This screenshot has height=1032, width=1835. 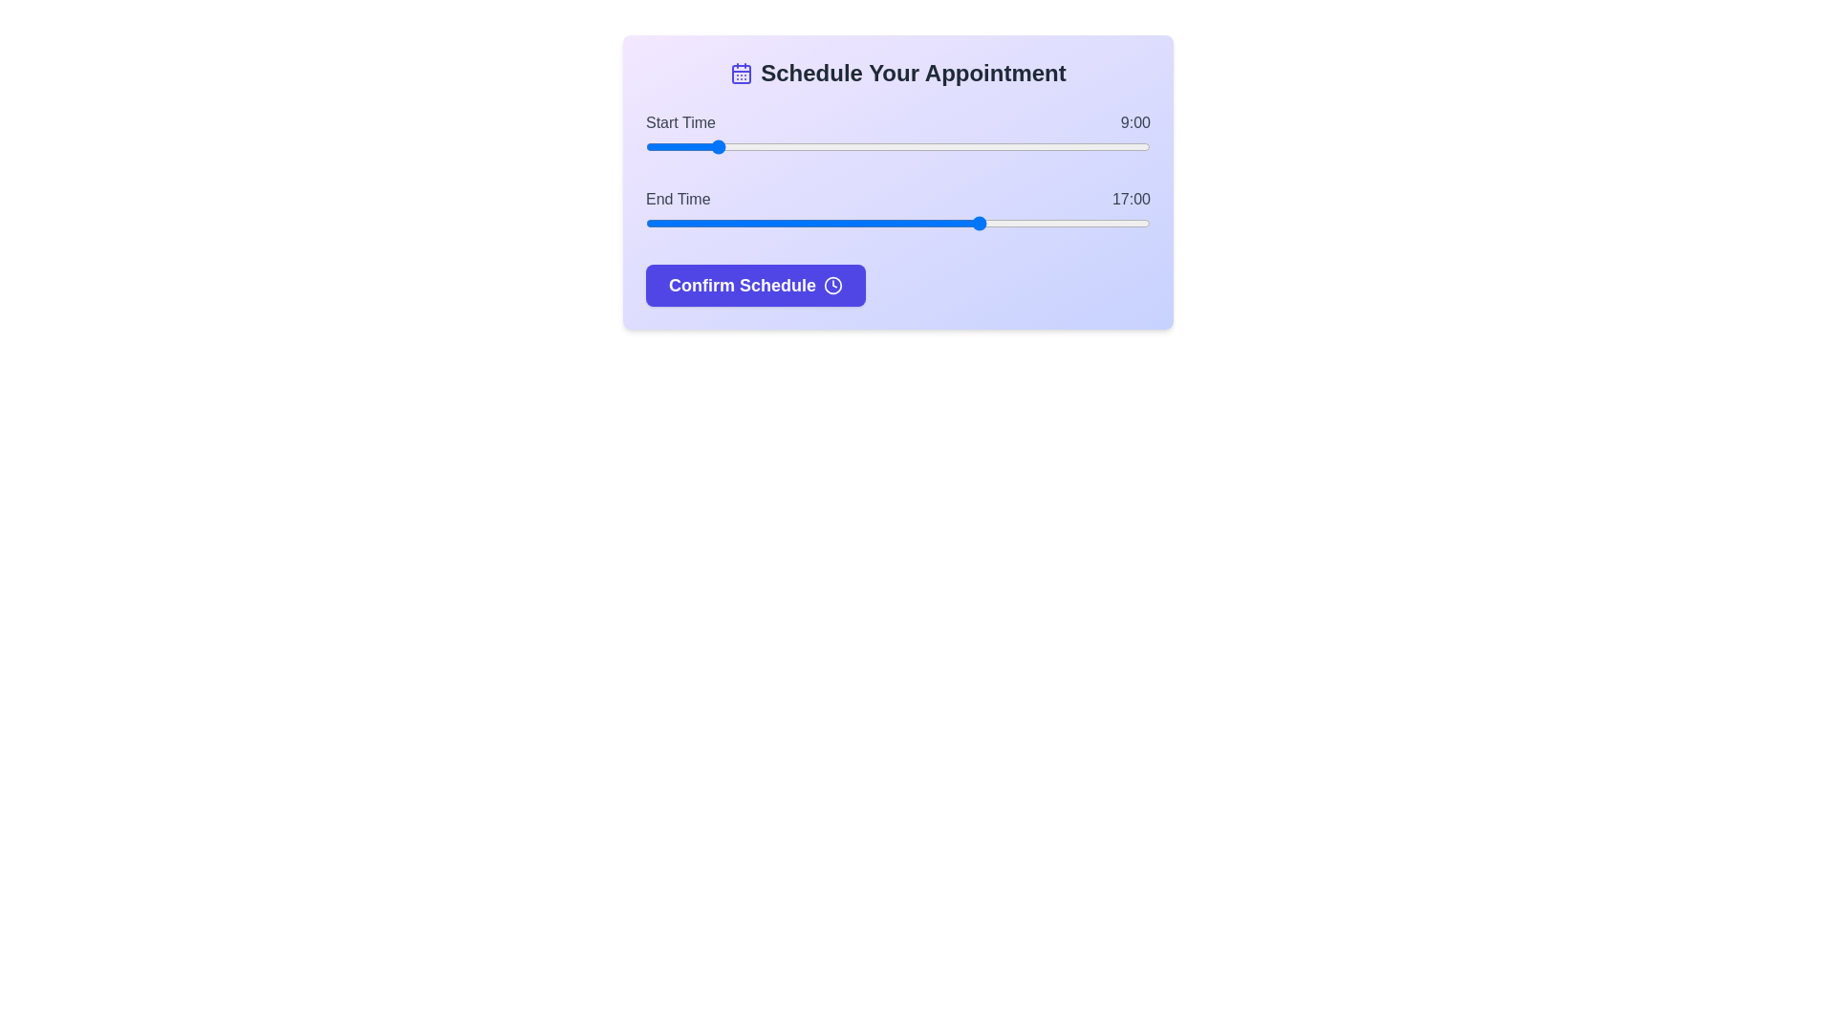 I want to click on the 'Confirm Schedule' button to finalize the appointment schedule, so click(x=755, y=286).